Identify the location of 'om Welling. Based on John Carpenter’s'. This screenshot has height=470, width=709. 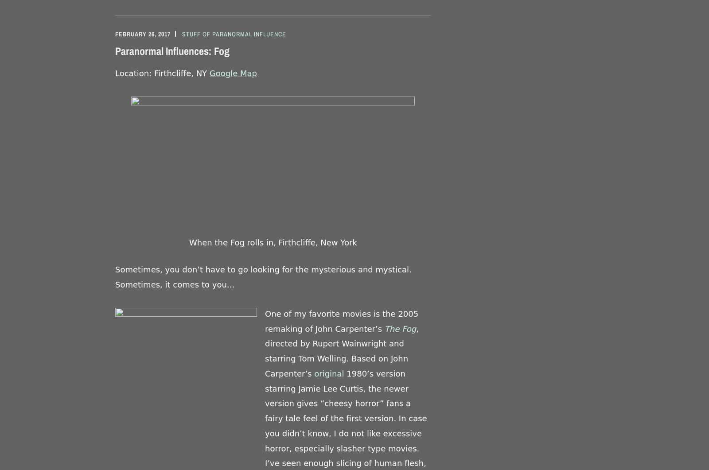
(336, 365).